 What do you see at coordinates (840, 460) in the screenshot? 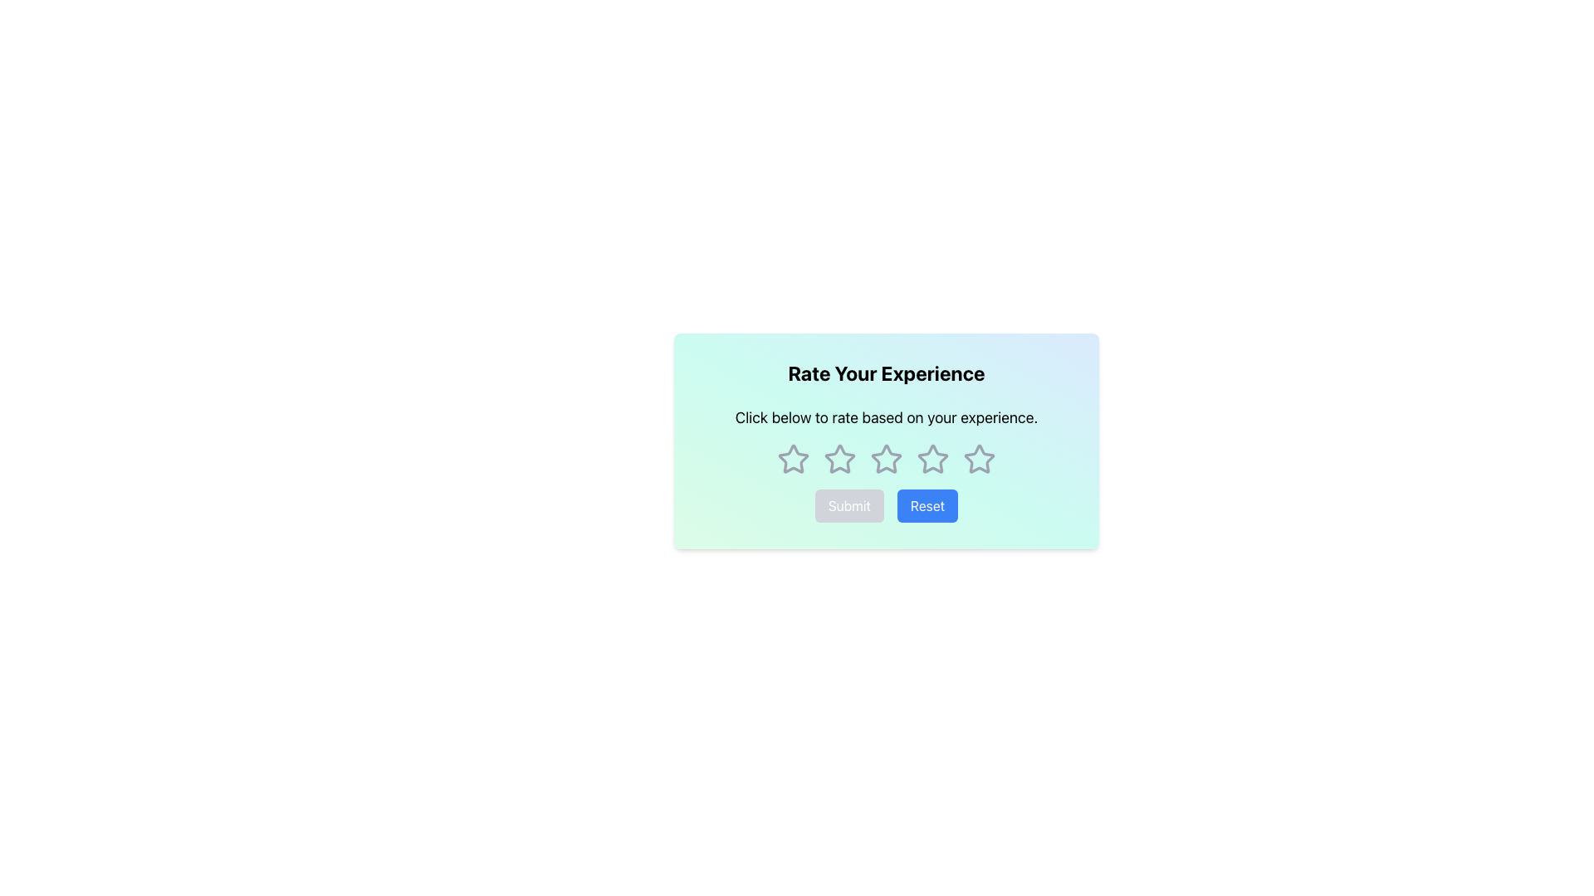
I see `the third star icon in the 5-star rating component to rate the experience` at bounding box center [840, 460].